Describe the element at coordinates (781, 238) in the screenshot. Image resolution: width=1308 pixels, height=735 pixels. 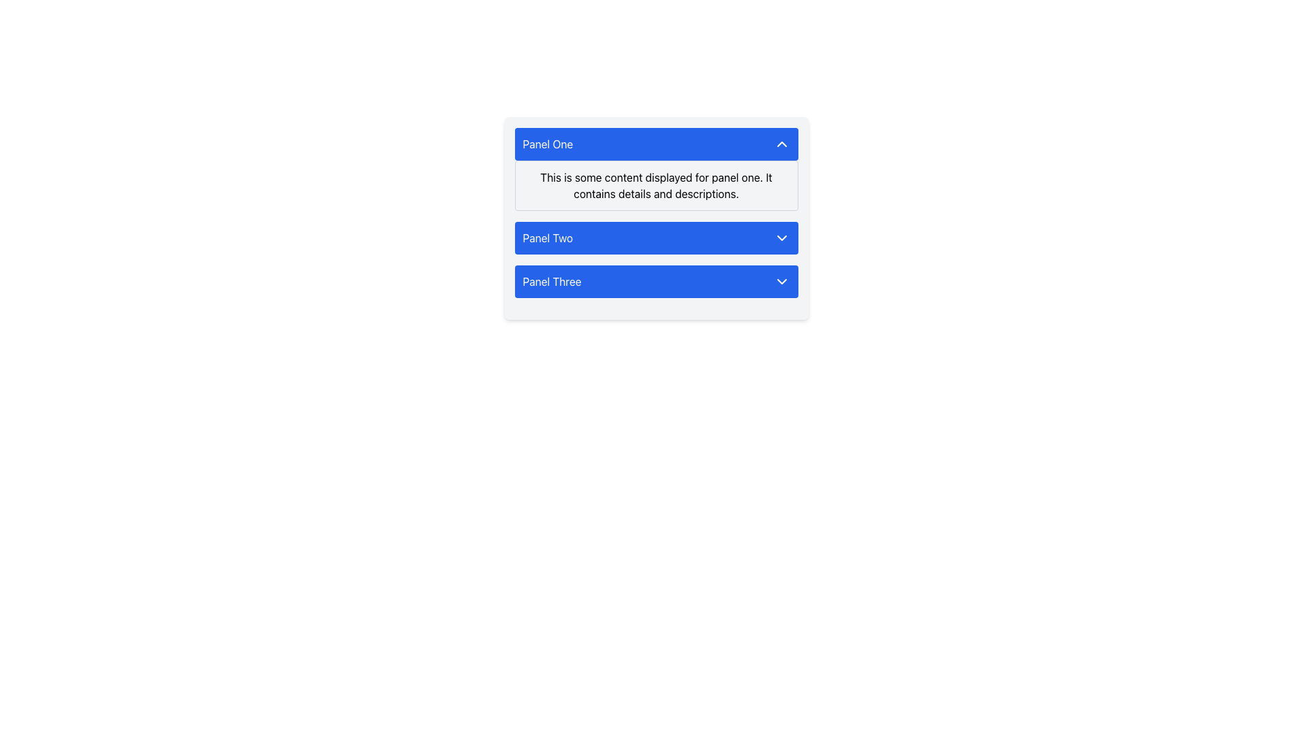
I see `the downward-pointing chevron icon located at the right end of the 'Panel Two' button, which is styled with a thin, rounded stroke and no fill` at that location.